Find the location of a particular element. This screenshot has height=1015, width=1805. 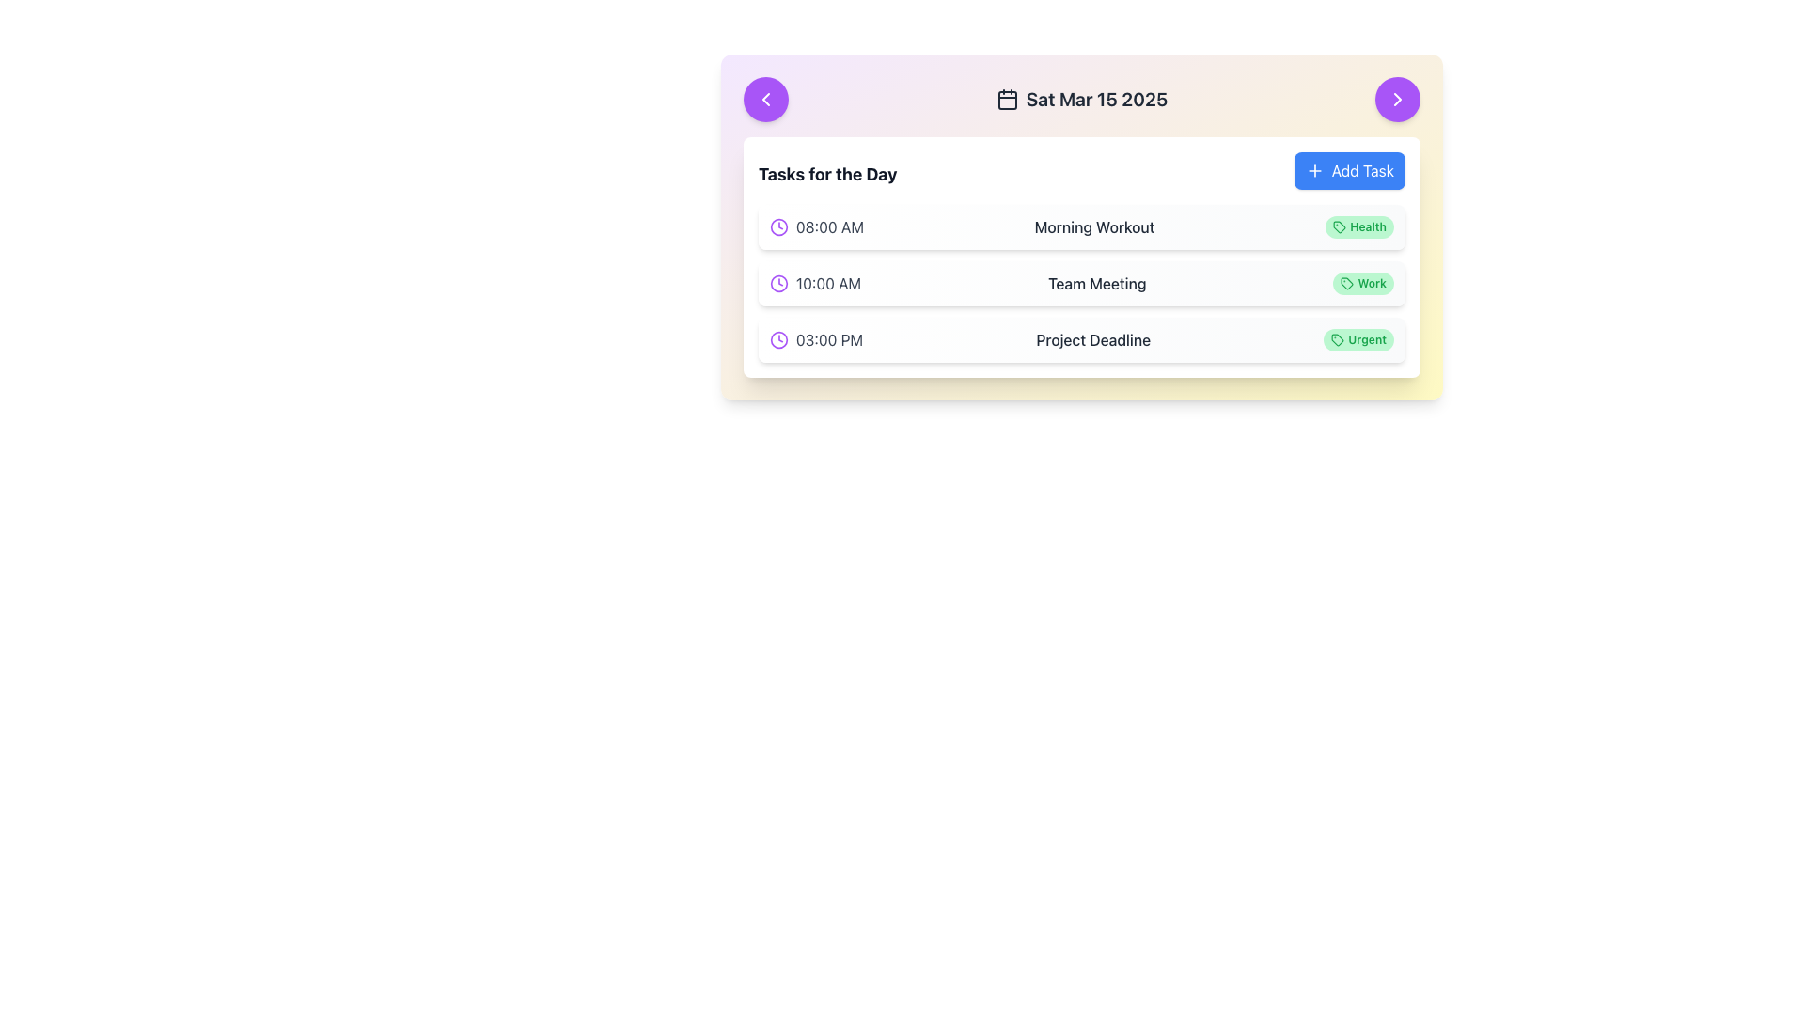

the chevron icon located within the circular purple-colored button at the top-right corner of the main interface is located at coordinates (1398, 99).